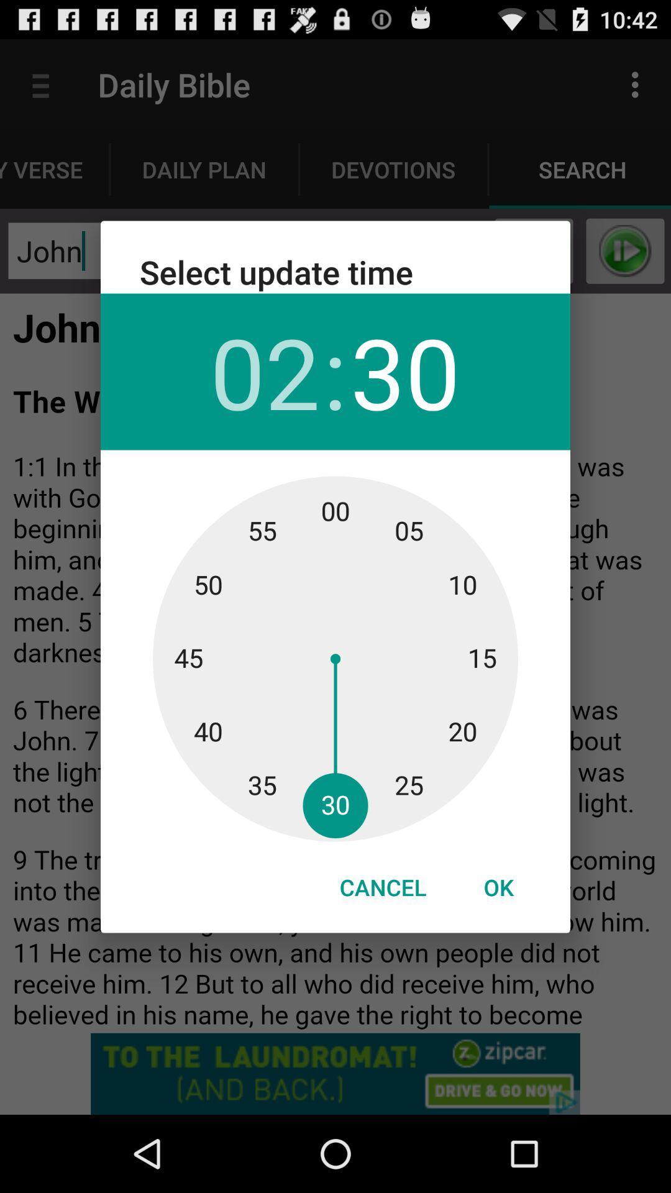 The image size is (671, 1193). Describe the element at coordinates (405, 371) in the screenshot. I see `the item below the select update time item` at that location.